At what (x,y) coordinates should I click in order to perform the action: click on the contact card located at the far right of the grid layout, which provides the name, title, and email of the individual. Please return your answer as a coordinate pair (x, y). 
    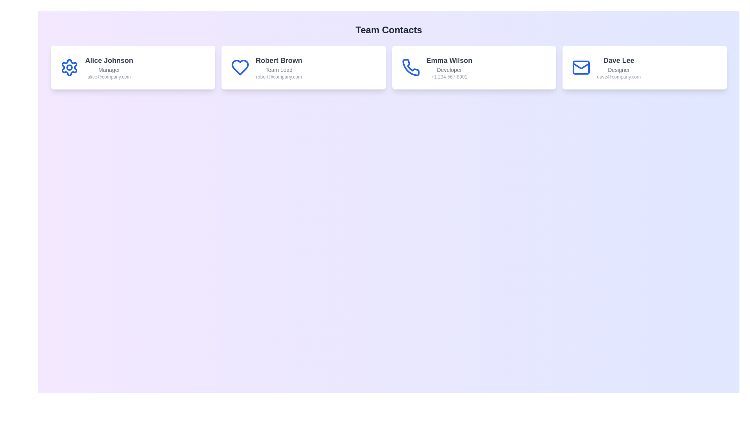
    Looking at the image, I should click on (645, 67).